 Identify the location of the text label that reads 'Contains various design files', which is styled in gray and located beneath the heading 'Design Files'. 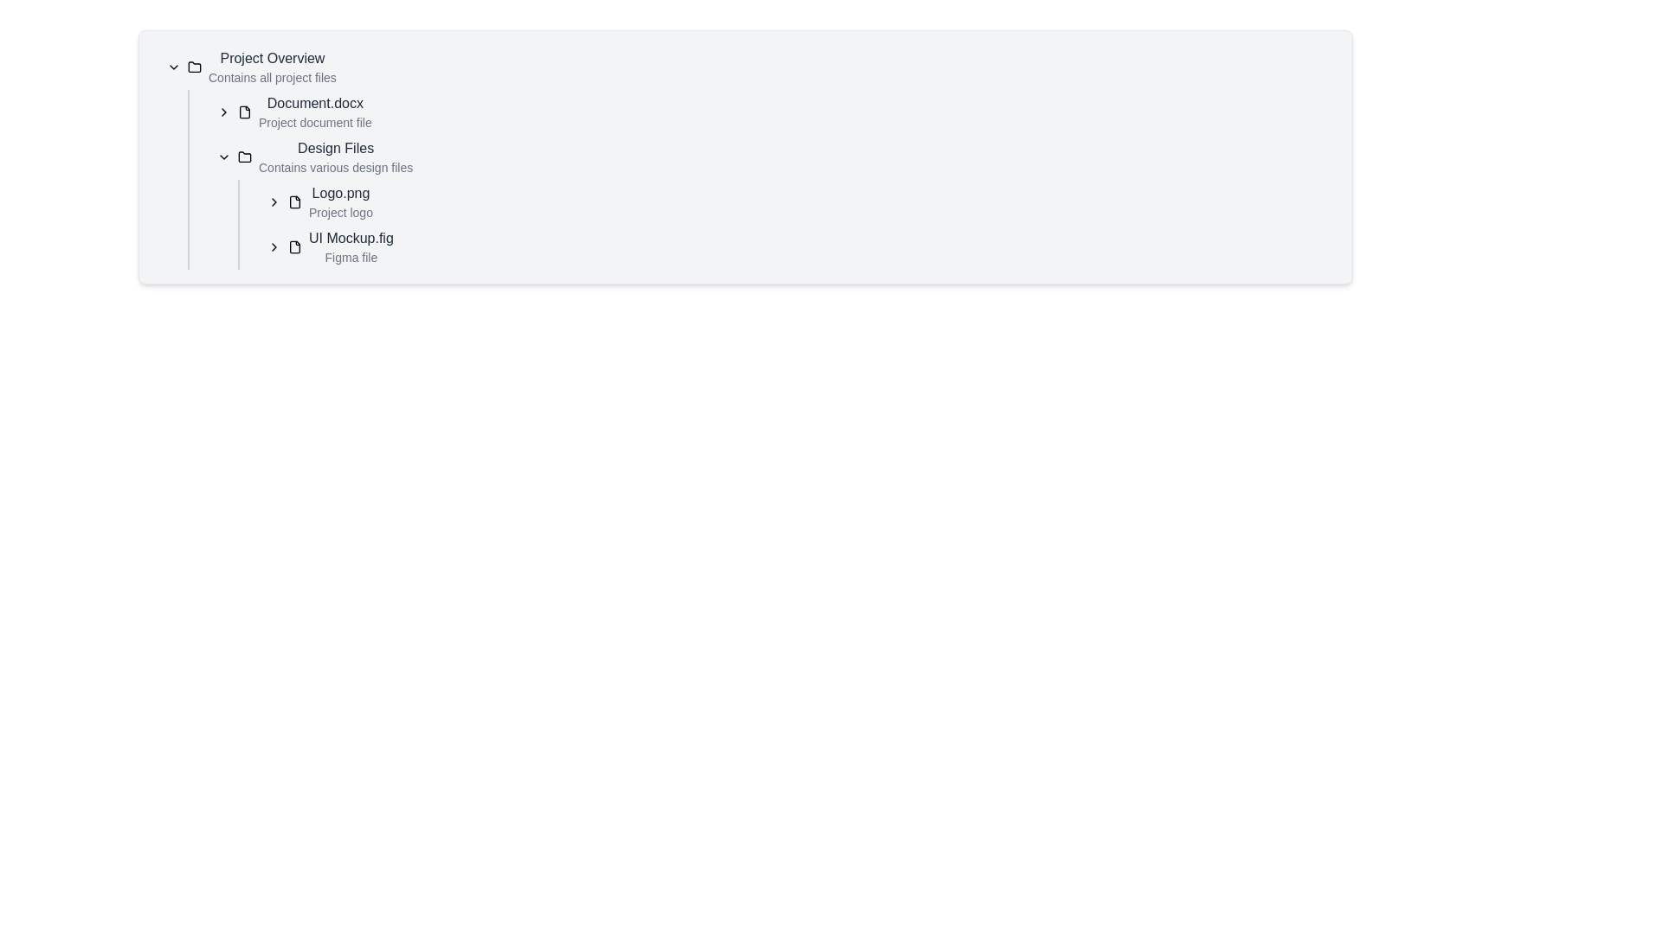
(336, 167).